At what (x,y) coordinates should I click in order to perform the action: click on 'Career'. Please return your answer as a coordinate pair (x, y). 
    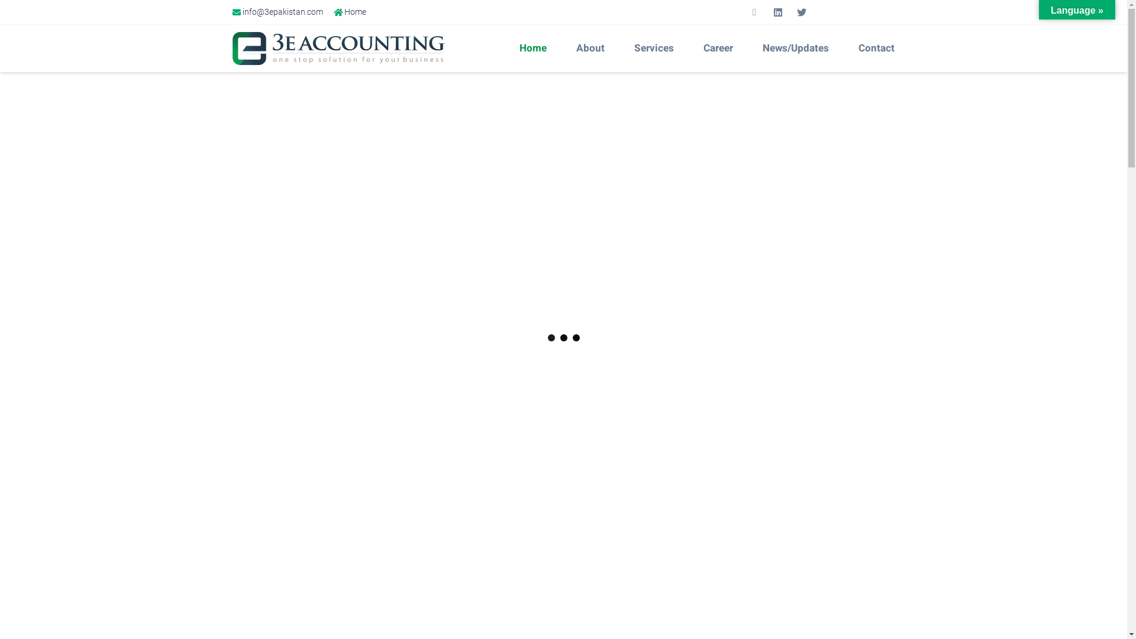
    Looking at the image, I should click on (721, 47).